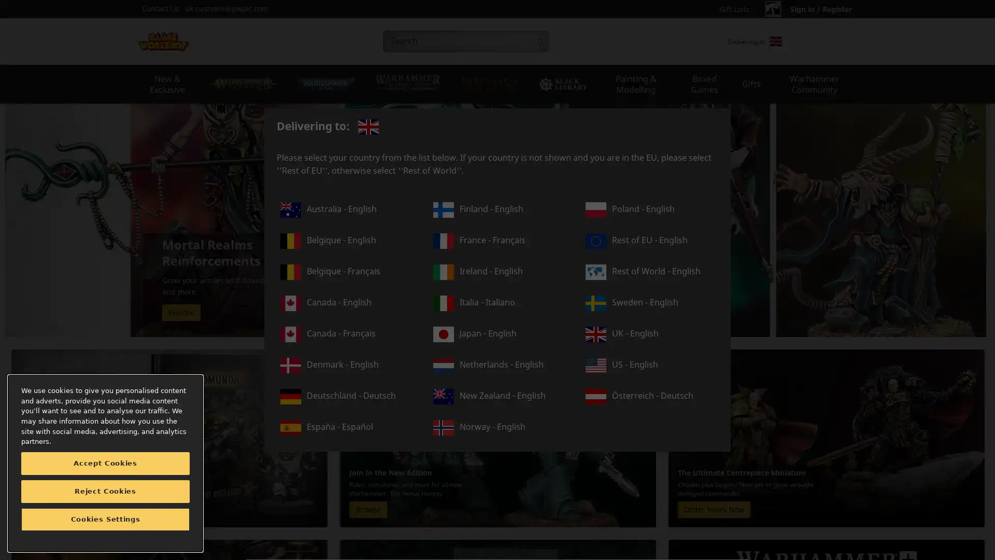 Image resolution: width=995 pixels, height=560 pixels. I want to click on Accept Cookies, so click(105, 463).